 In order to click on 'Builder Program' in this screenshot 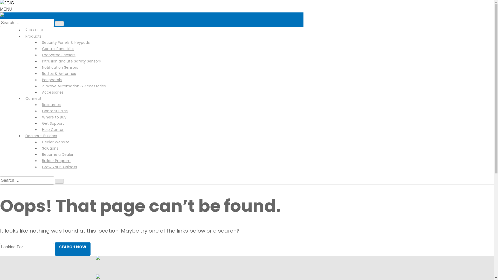, I will do `click(56, 160)`.